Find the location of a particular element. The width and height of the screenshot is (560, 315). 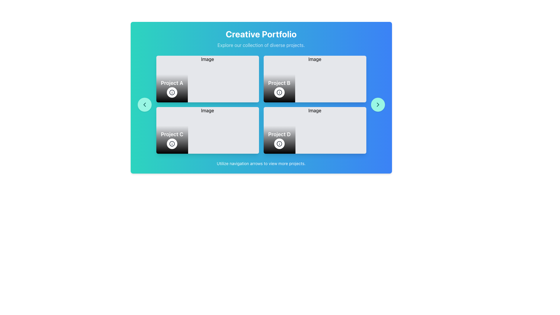

the 'Project B' text label, which is styled bold and white on a black gradient background, located in the bottom section of the project tile for 'Image' is located at coordinates (279, 83).